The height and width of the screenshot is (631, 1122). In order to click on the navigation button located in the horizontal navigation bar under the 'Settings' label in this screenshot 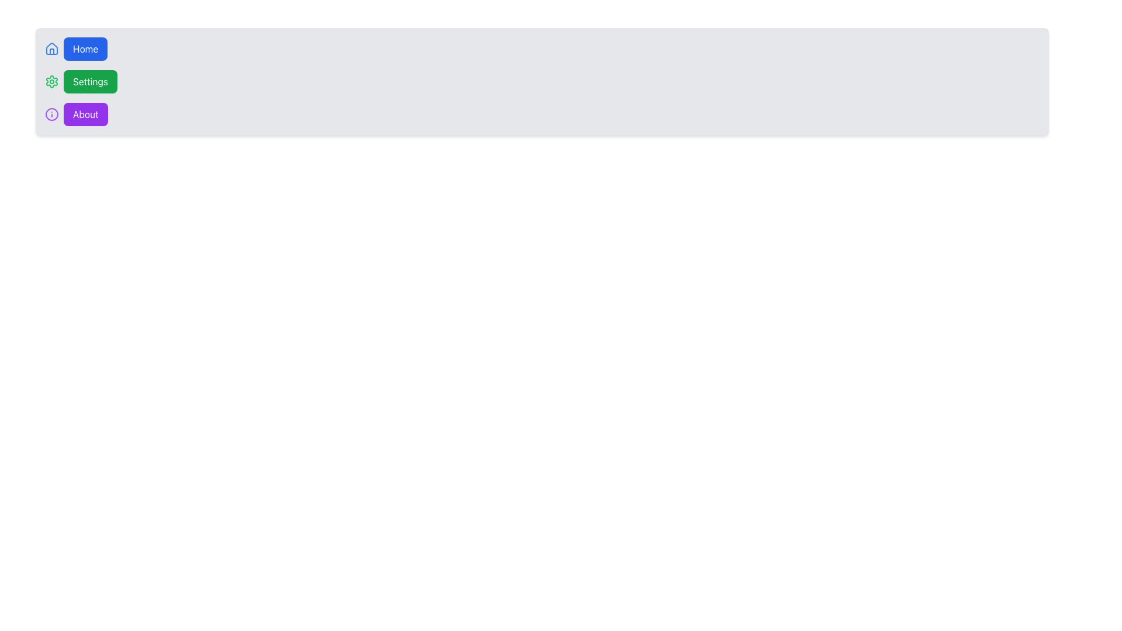, I will do `click(89, 81)`.